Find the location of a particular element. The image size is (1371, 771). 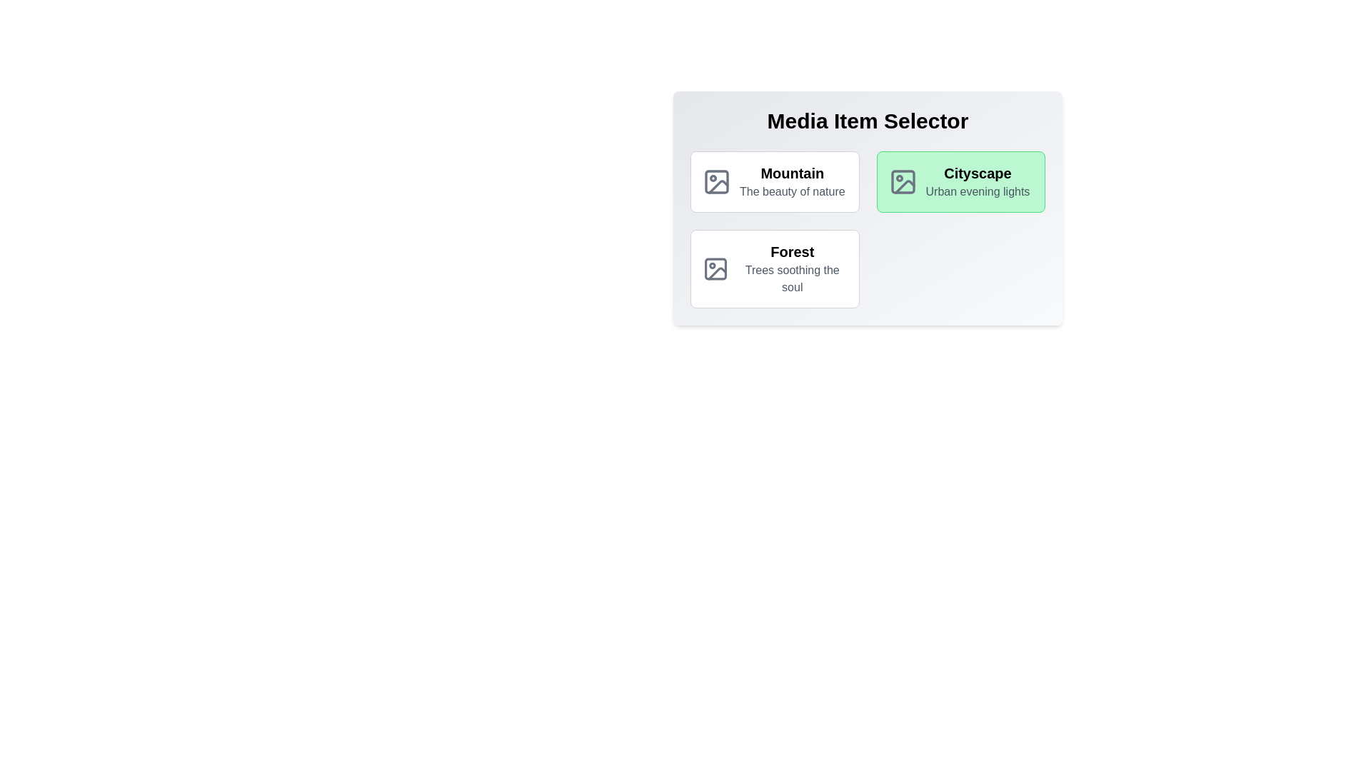

the media item Forest to observe the scaling effect is located at coordinates (774, 269).